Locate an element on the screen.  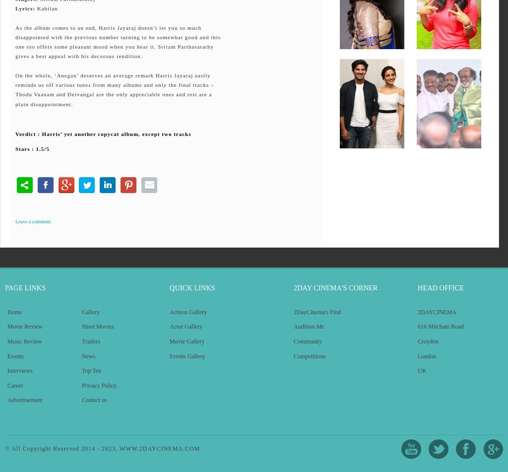
'reminds us off various tunes from many albums and only the final tracks –' is located at coordinates (114, 84).